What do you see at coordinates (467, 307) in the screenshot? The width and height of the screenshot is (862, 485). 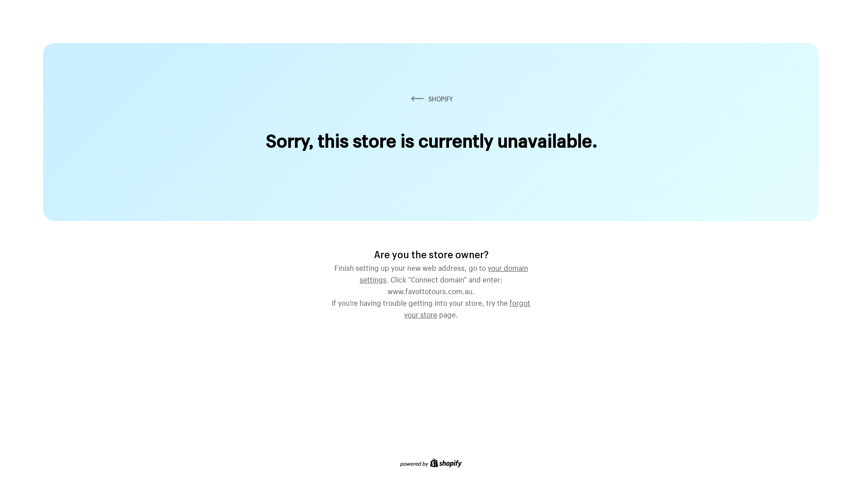 I see `'forgot your store'` at bounding box center [467, 307].